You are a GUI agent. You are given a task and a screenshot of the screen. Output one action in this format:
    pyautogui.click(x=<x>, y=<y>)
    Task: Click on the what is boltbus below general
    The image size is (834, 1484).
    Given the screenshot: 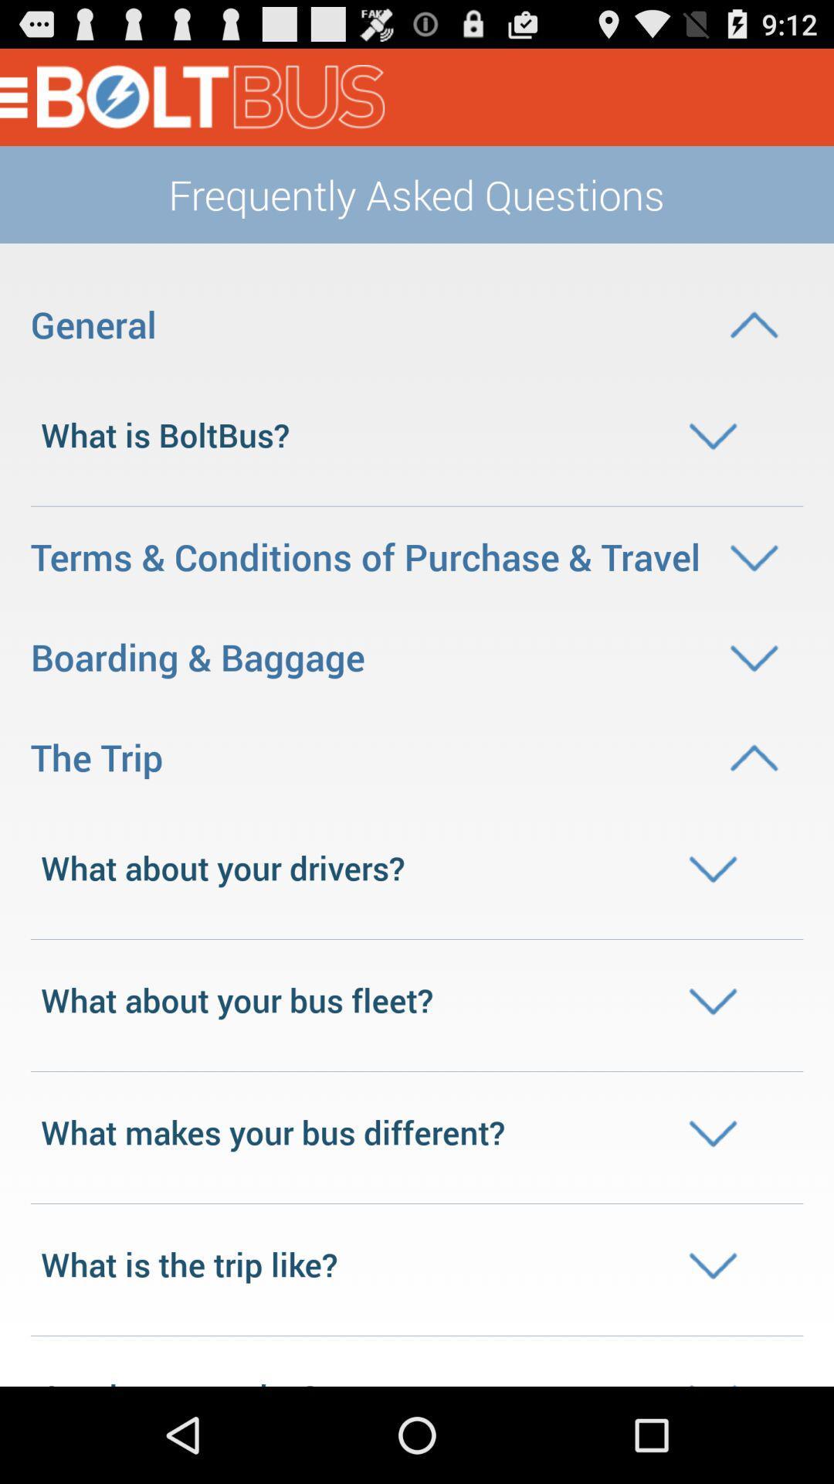 What is the action you would take?
    pyautogui.click(x=417, y=434)
    